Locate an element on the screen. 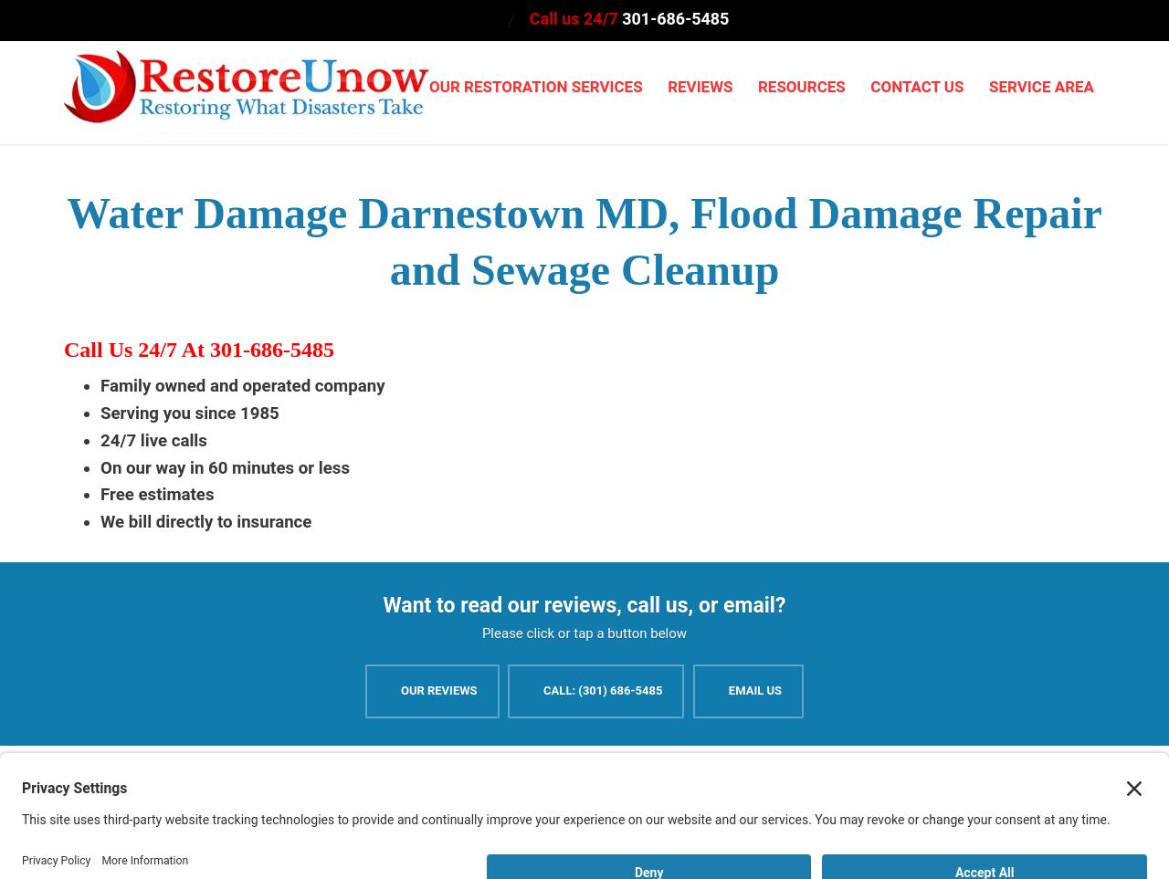  'Mold Removal' is located at coordinates (475, 419).